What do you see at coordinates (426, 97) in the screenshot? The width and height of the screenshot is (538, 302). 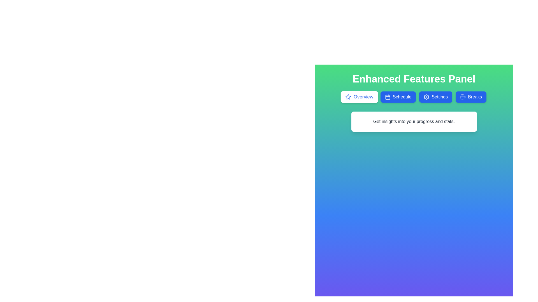 I see `the settings icon located within the 'Settings' button, which is part of a UI containing other buttons like 'Overview', 'Schedule', and 'Breaks'` at bounding box center [426, 97].